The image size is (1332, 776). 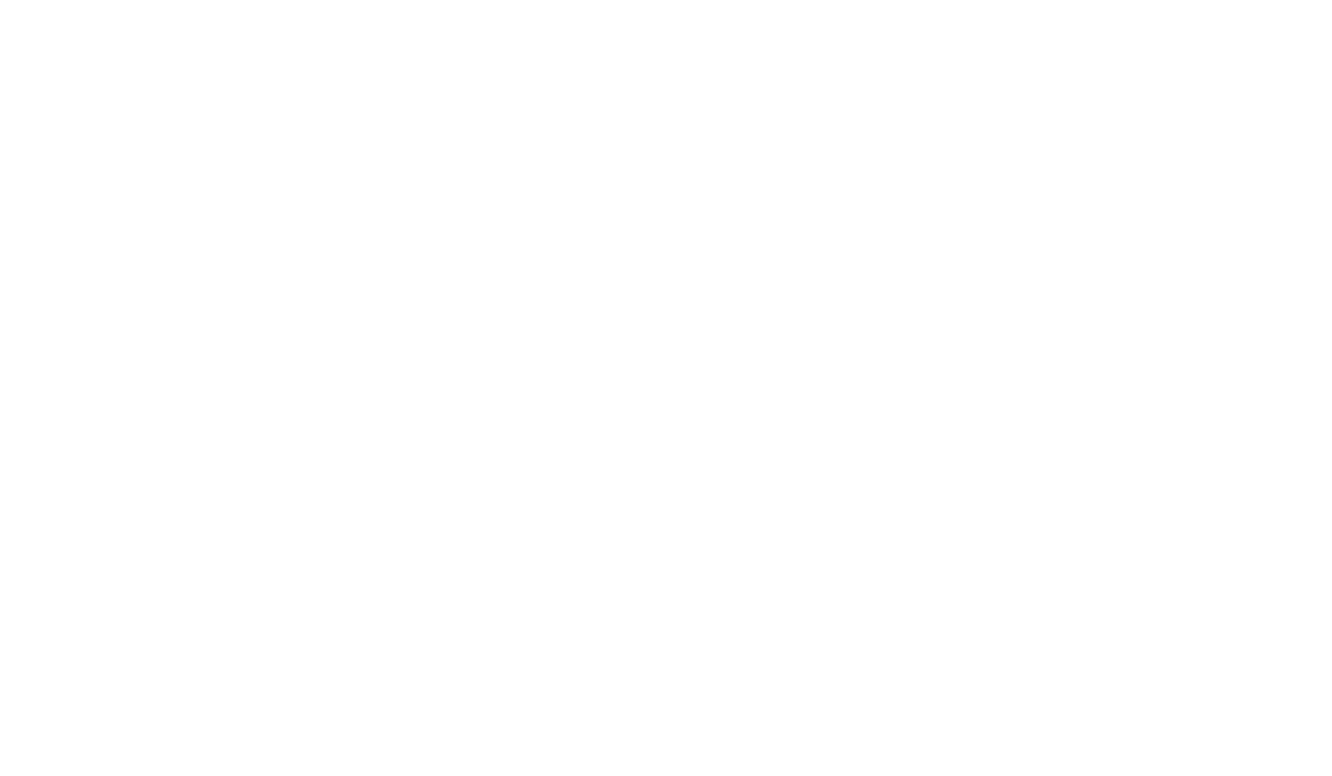 What do you see at coordinates (641, 339) in the screenshot?
I see `'Fully Featured System'` at bounding box center [641, 339].